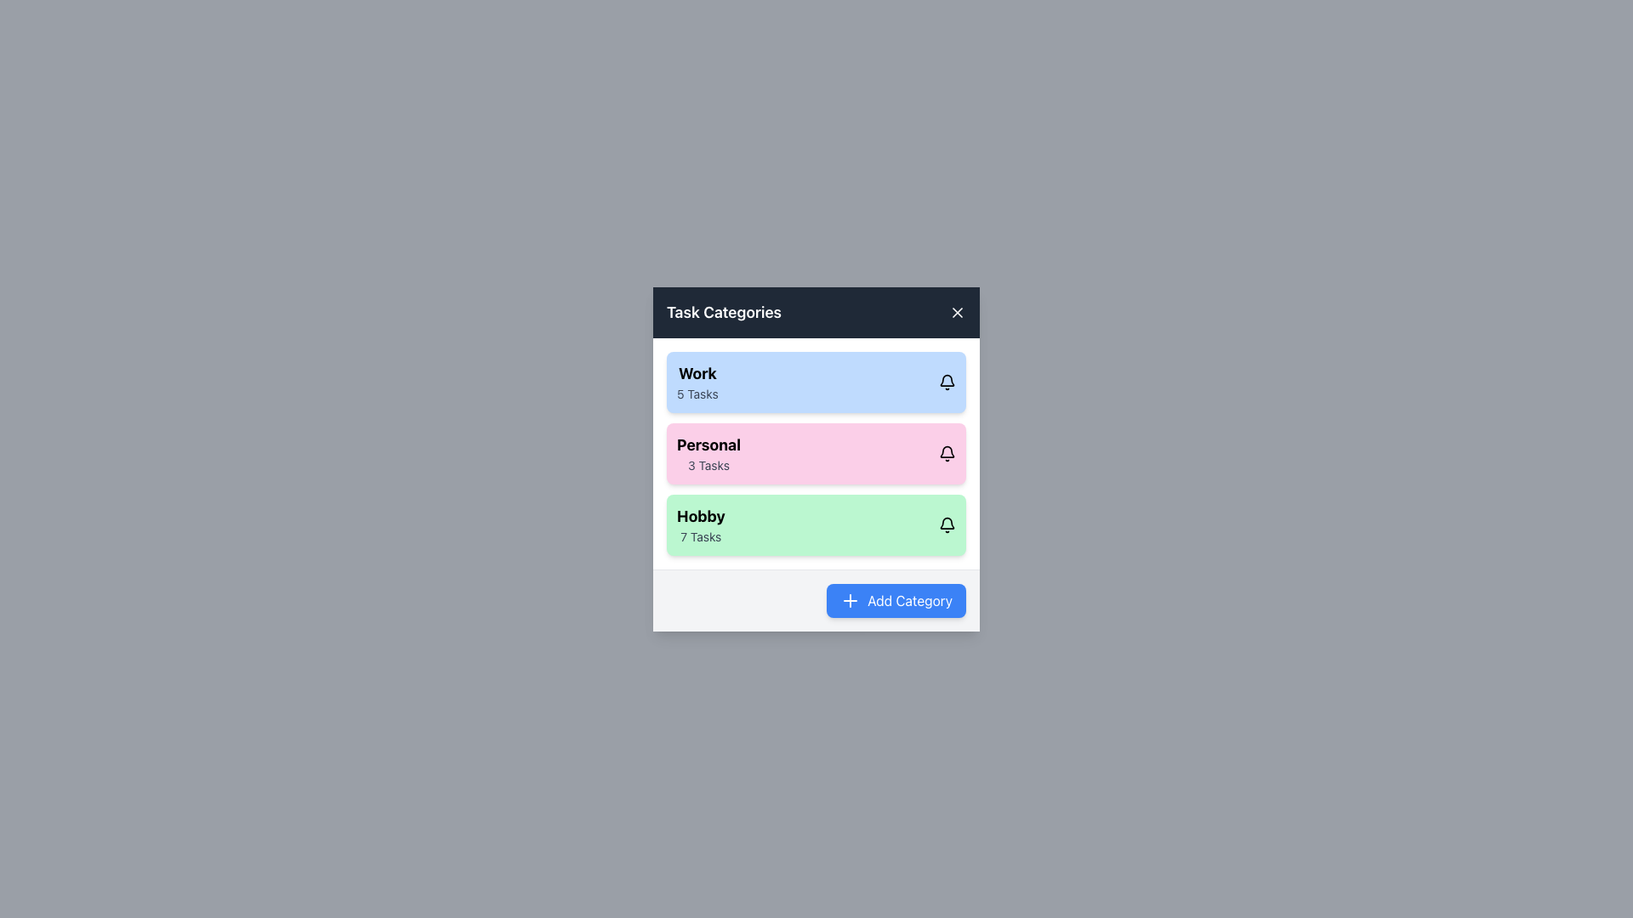 This screenshot has height=918, width=1633. Describe the element at coordinates (708, 452) in the screenshot. I see `the 'Personal' category label which indicates '3 Tasks' in the task categories section` at that location.